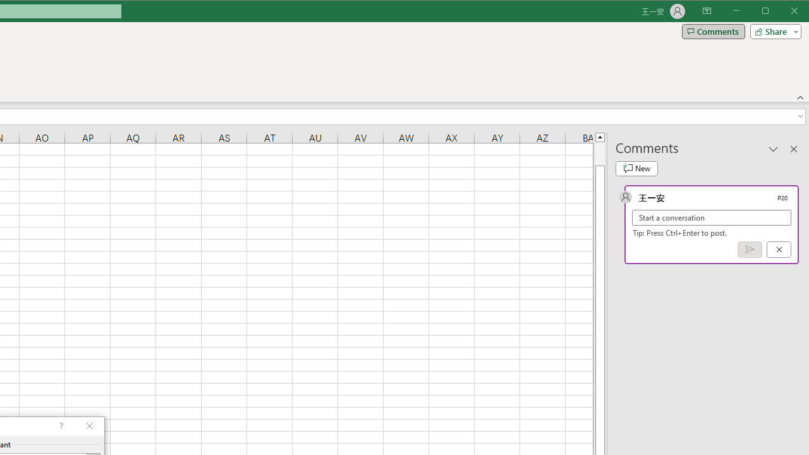  What do you see at coordinates (800, 97) in the screenshot?
I see `'Collapse the Ribbon'` at bounding box center [800, 97].